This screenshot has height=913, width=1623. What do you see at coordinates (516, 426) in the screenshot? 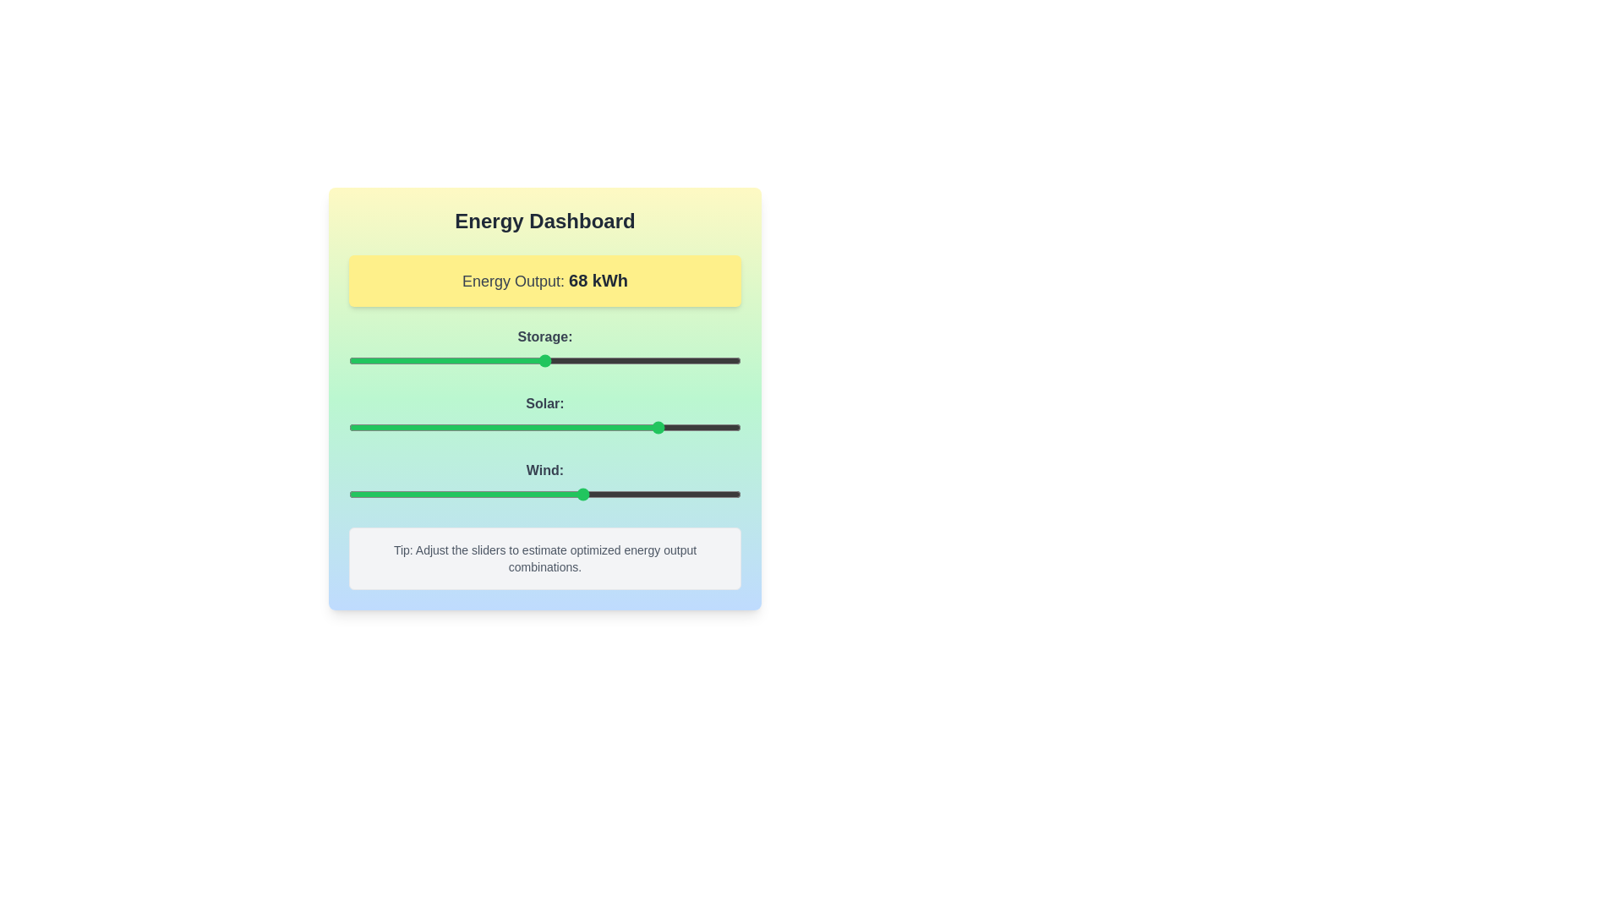
I see `the 'Solar' slider to 43%` at bounding box center [516, 426].